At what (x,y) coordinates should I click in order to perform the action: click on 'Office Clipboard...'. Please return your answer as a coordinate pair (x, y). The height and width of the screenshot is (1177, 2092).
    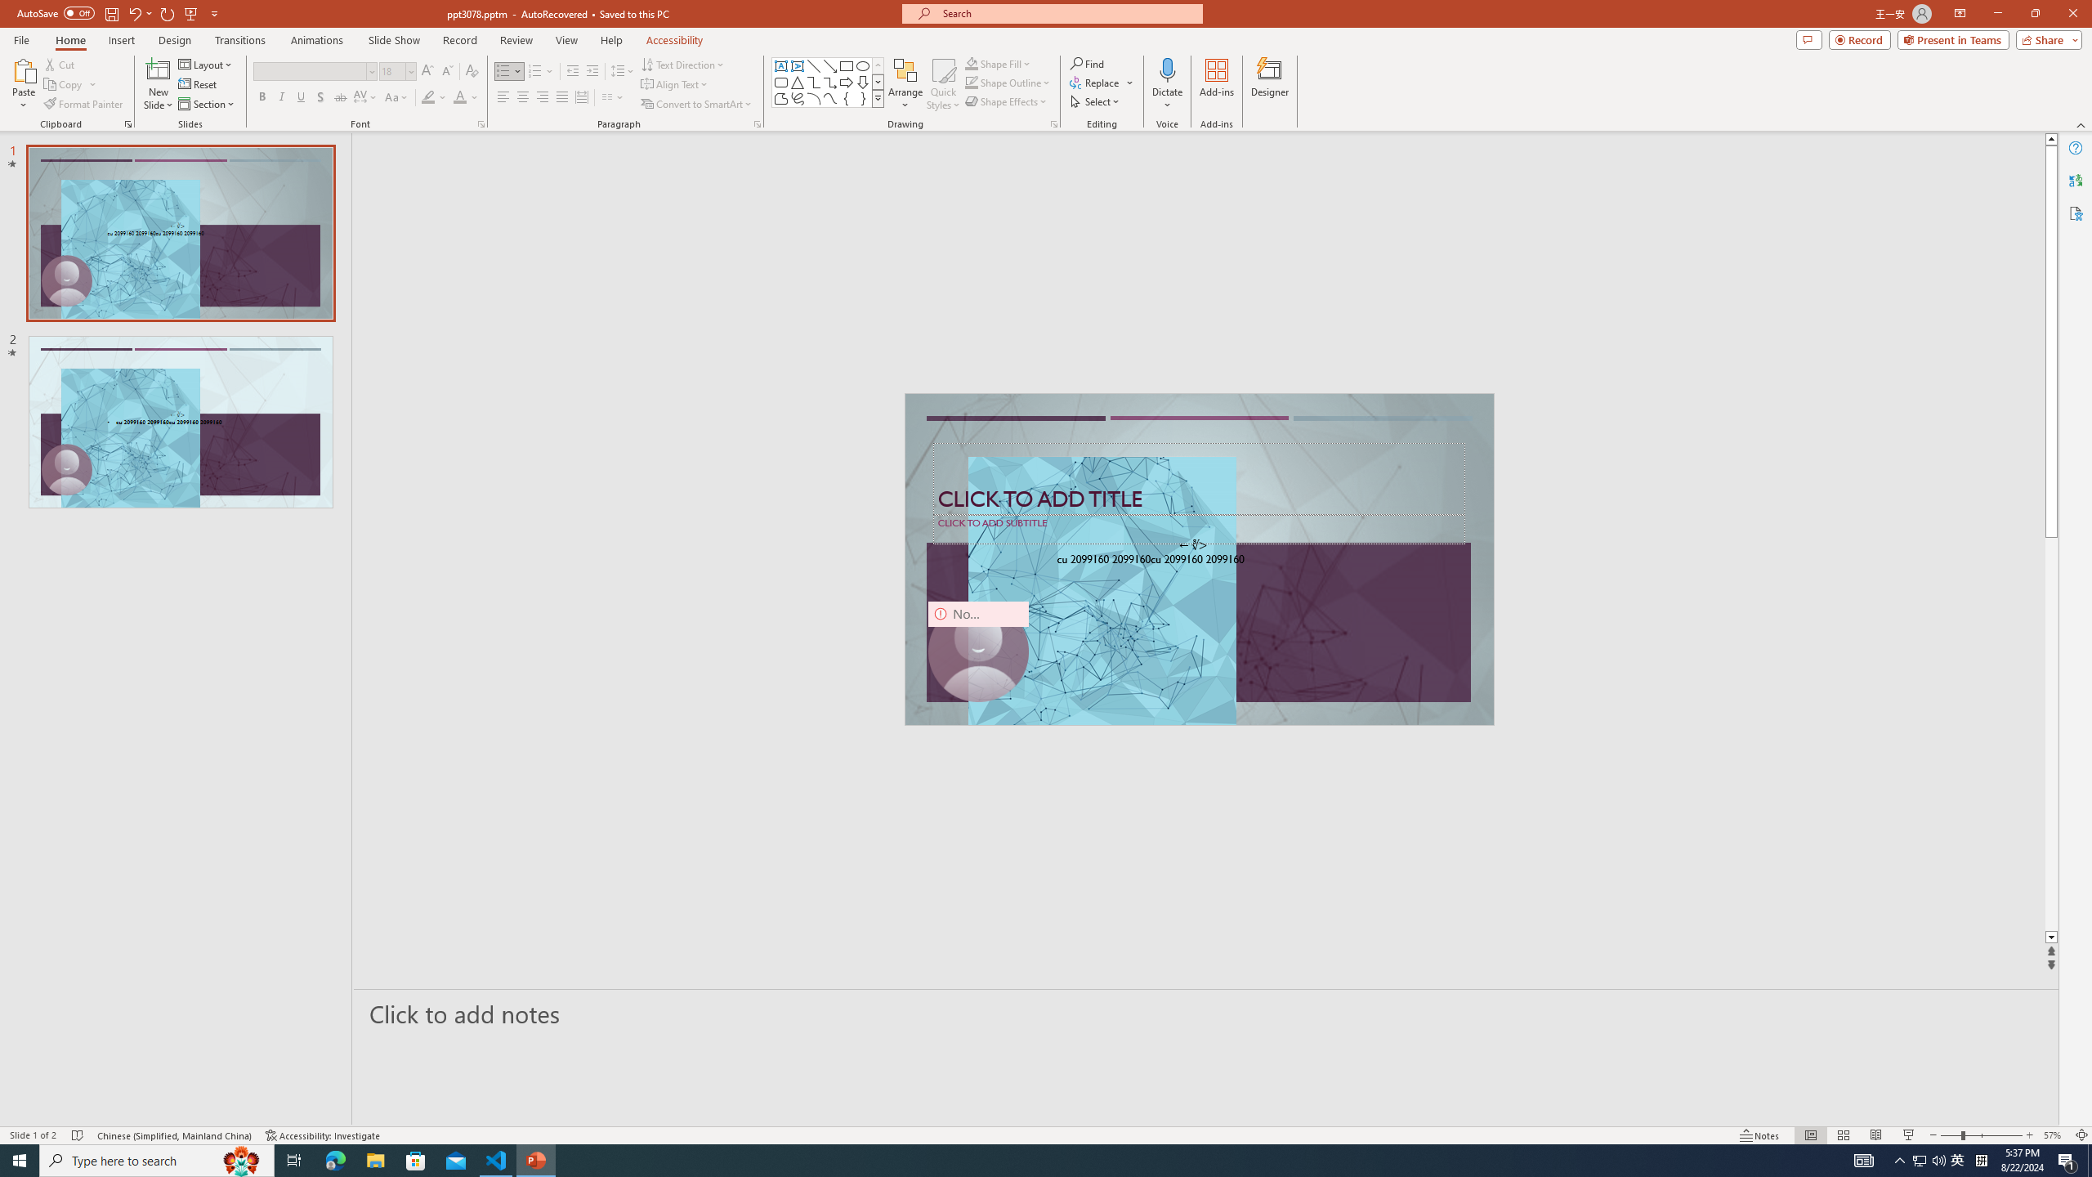
    Looking at the image, I should click on (127, 123).